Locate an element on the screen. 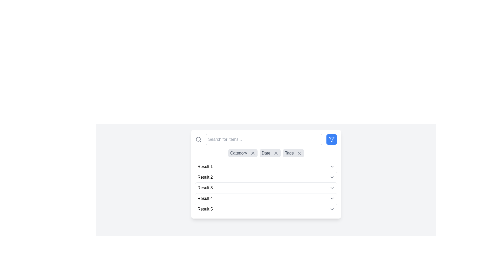 Image resolution: width=499 pixels, height=280 pixels. the close icon button for the 'Tags' section is located at coordinates (299, 153).